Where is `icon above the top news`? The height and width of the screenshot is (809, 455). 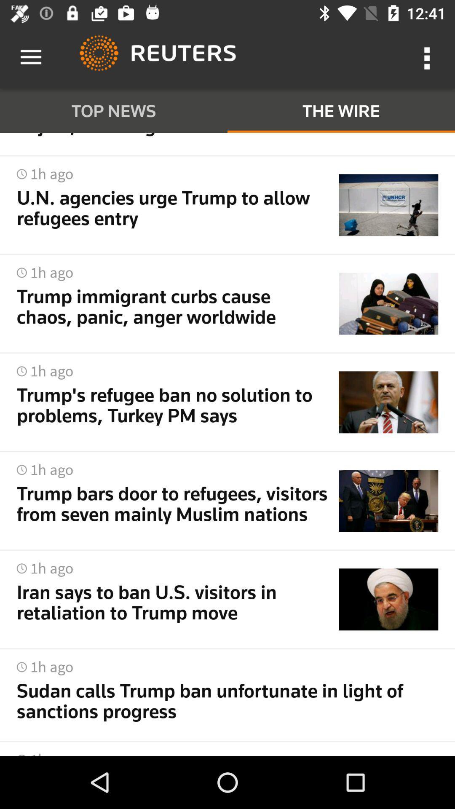
icon above the top news is located at coordinates (30, 57).